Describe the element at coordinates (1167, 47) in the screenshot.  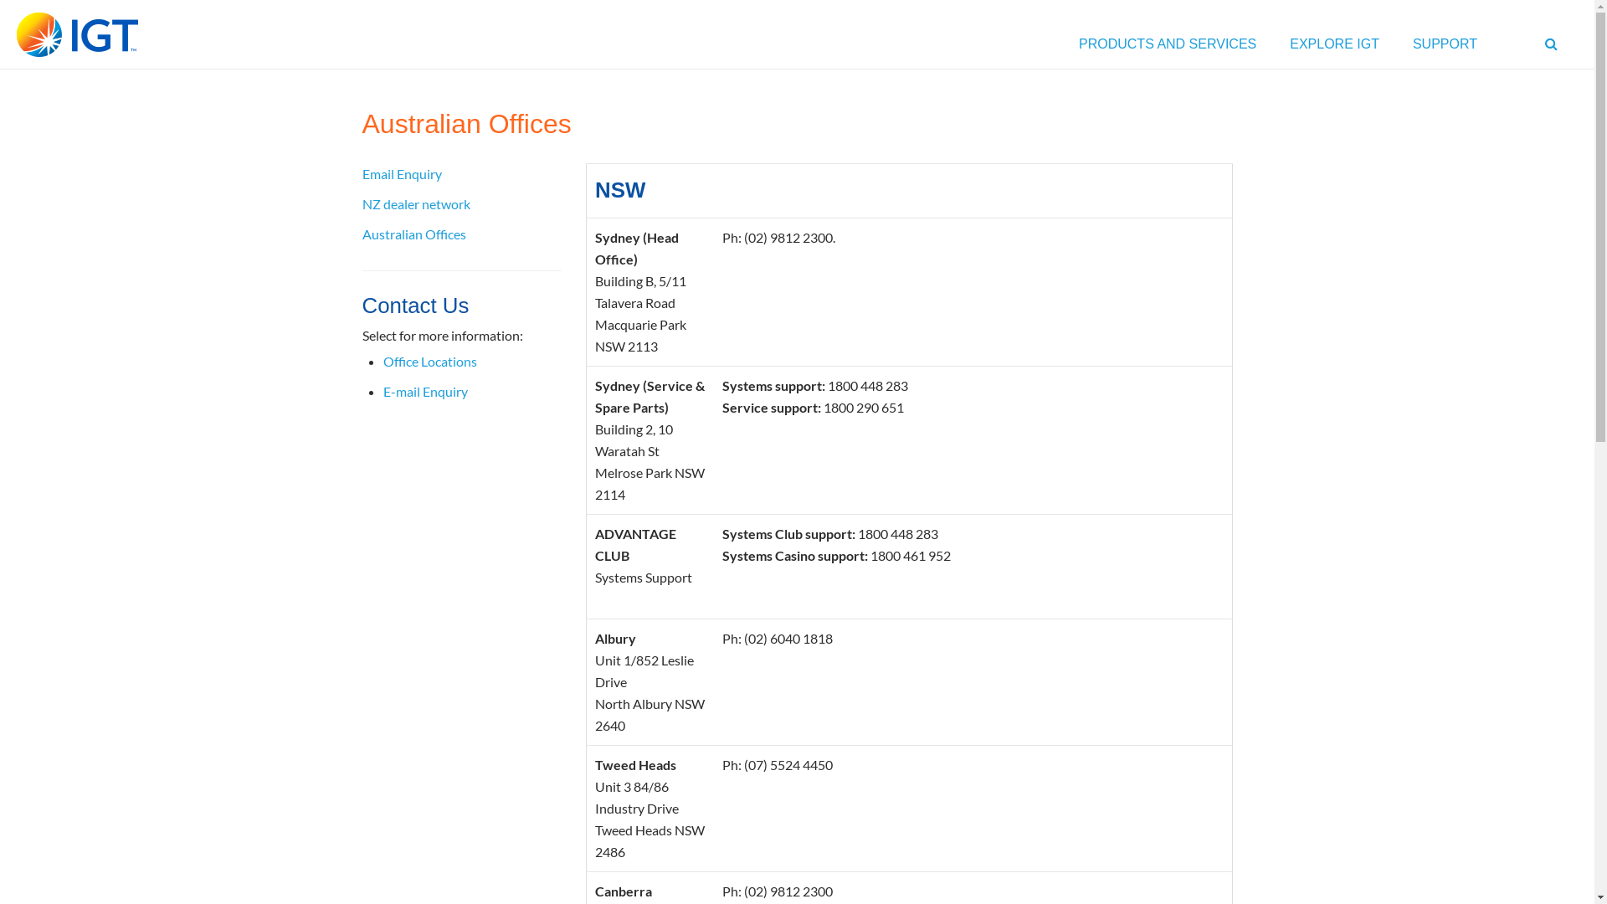
I see `'PRODUCTS AND SERVICES'` at that location.